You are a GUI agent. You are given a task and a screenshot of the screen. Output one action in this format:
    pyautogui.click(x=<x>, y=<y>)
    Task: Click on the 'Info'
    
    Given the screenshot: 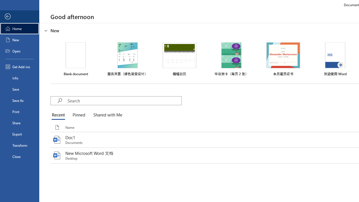 What is the action you would take?
    pyautogui.click(x=19, y=78)
    